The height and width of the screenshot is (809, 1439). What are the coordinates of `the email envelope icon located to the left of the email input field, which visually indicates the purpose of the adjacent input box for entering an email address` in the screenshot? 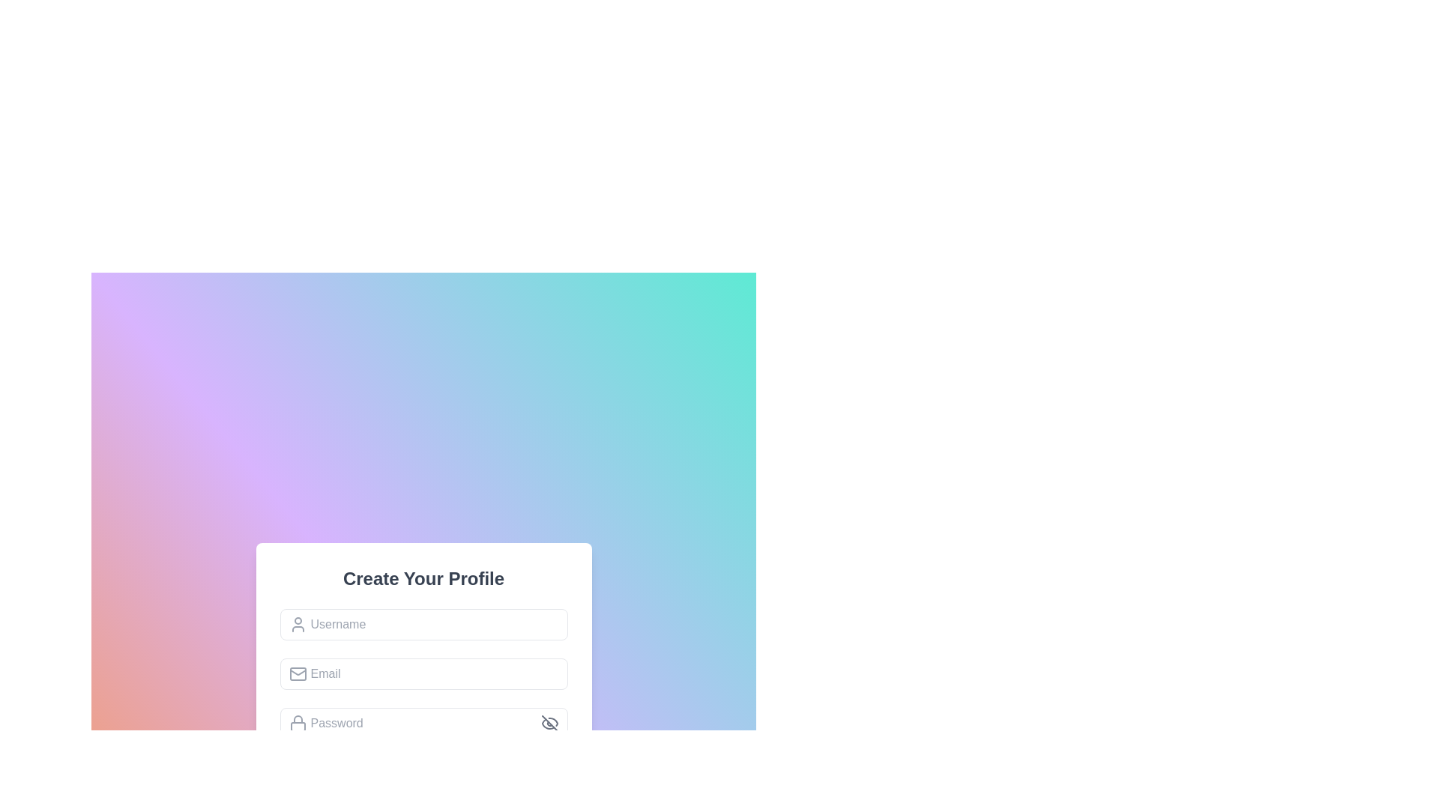 It's located at (298, 673).